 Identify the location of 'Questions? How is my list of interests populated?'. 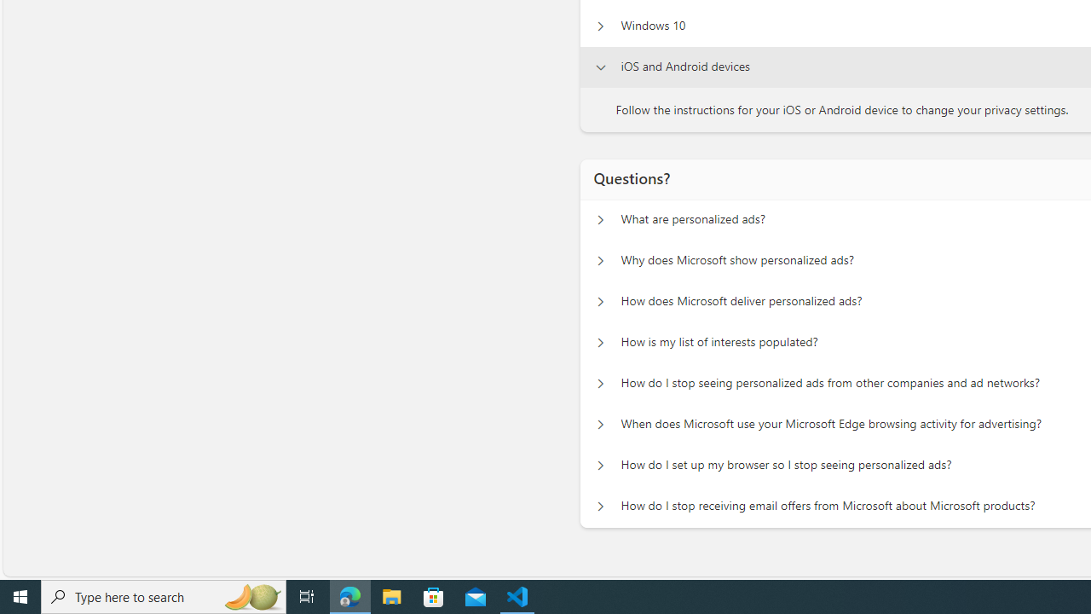
(600, 343).